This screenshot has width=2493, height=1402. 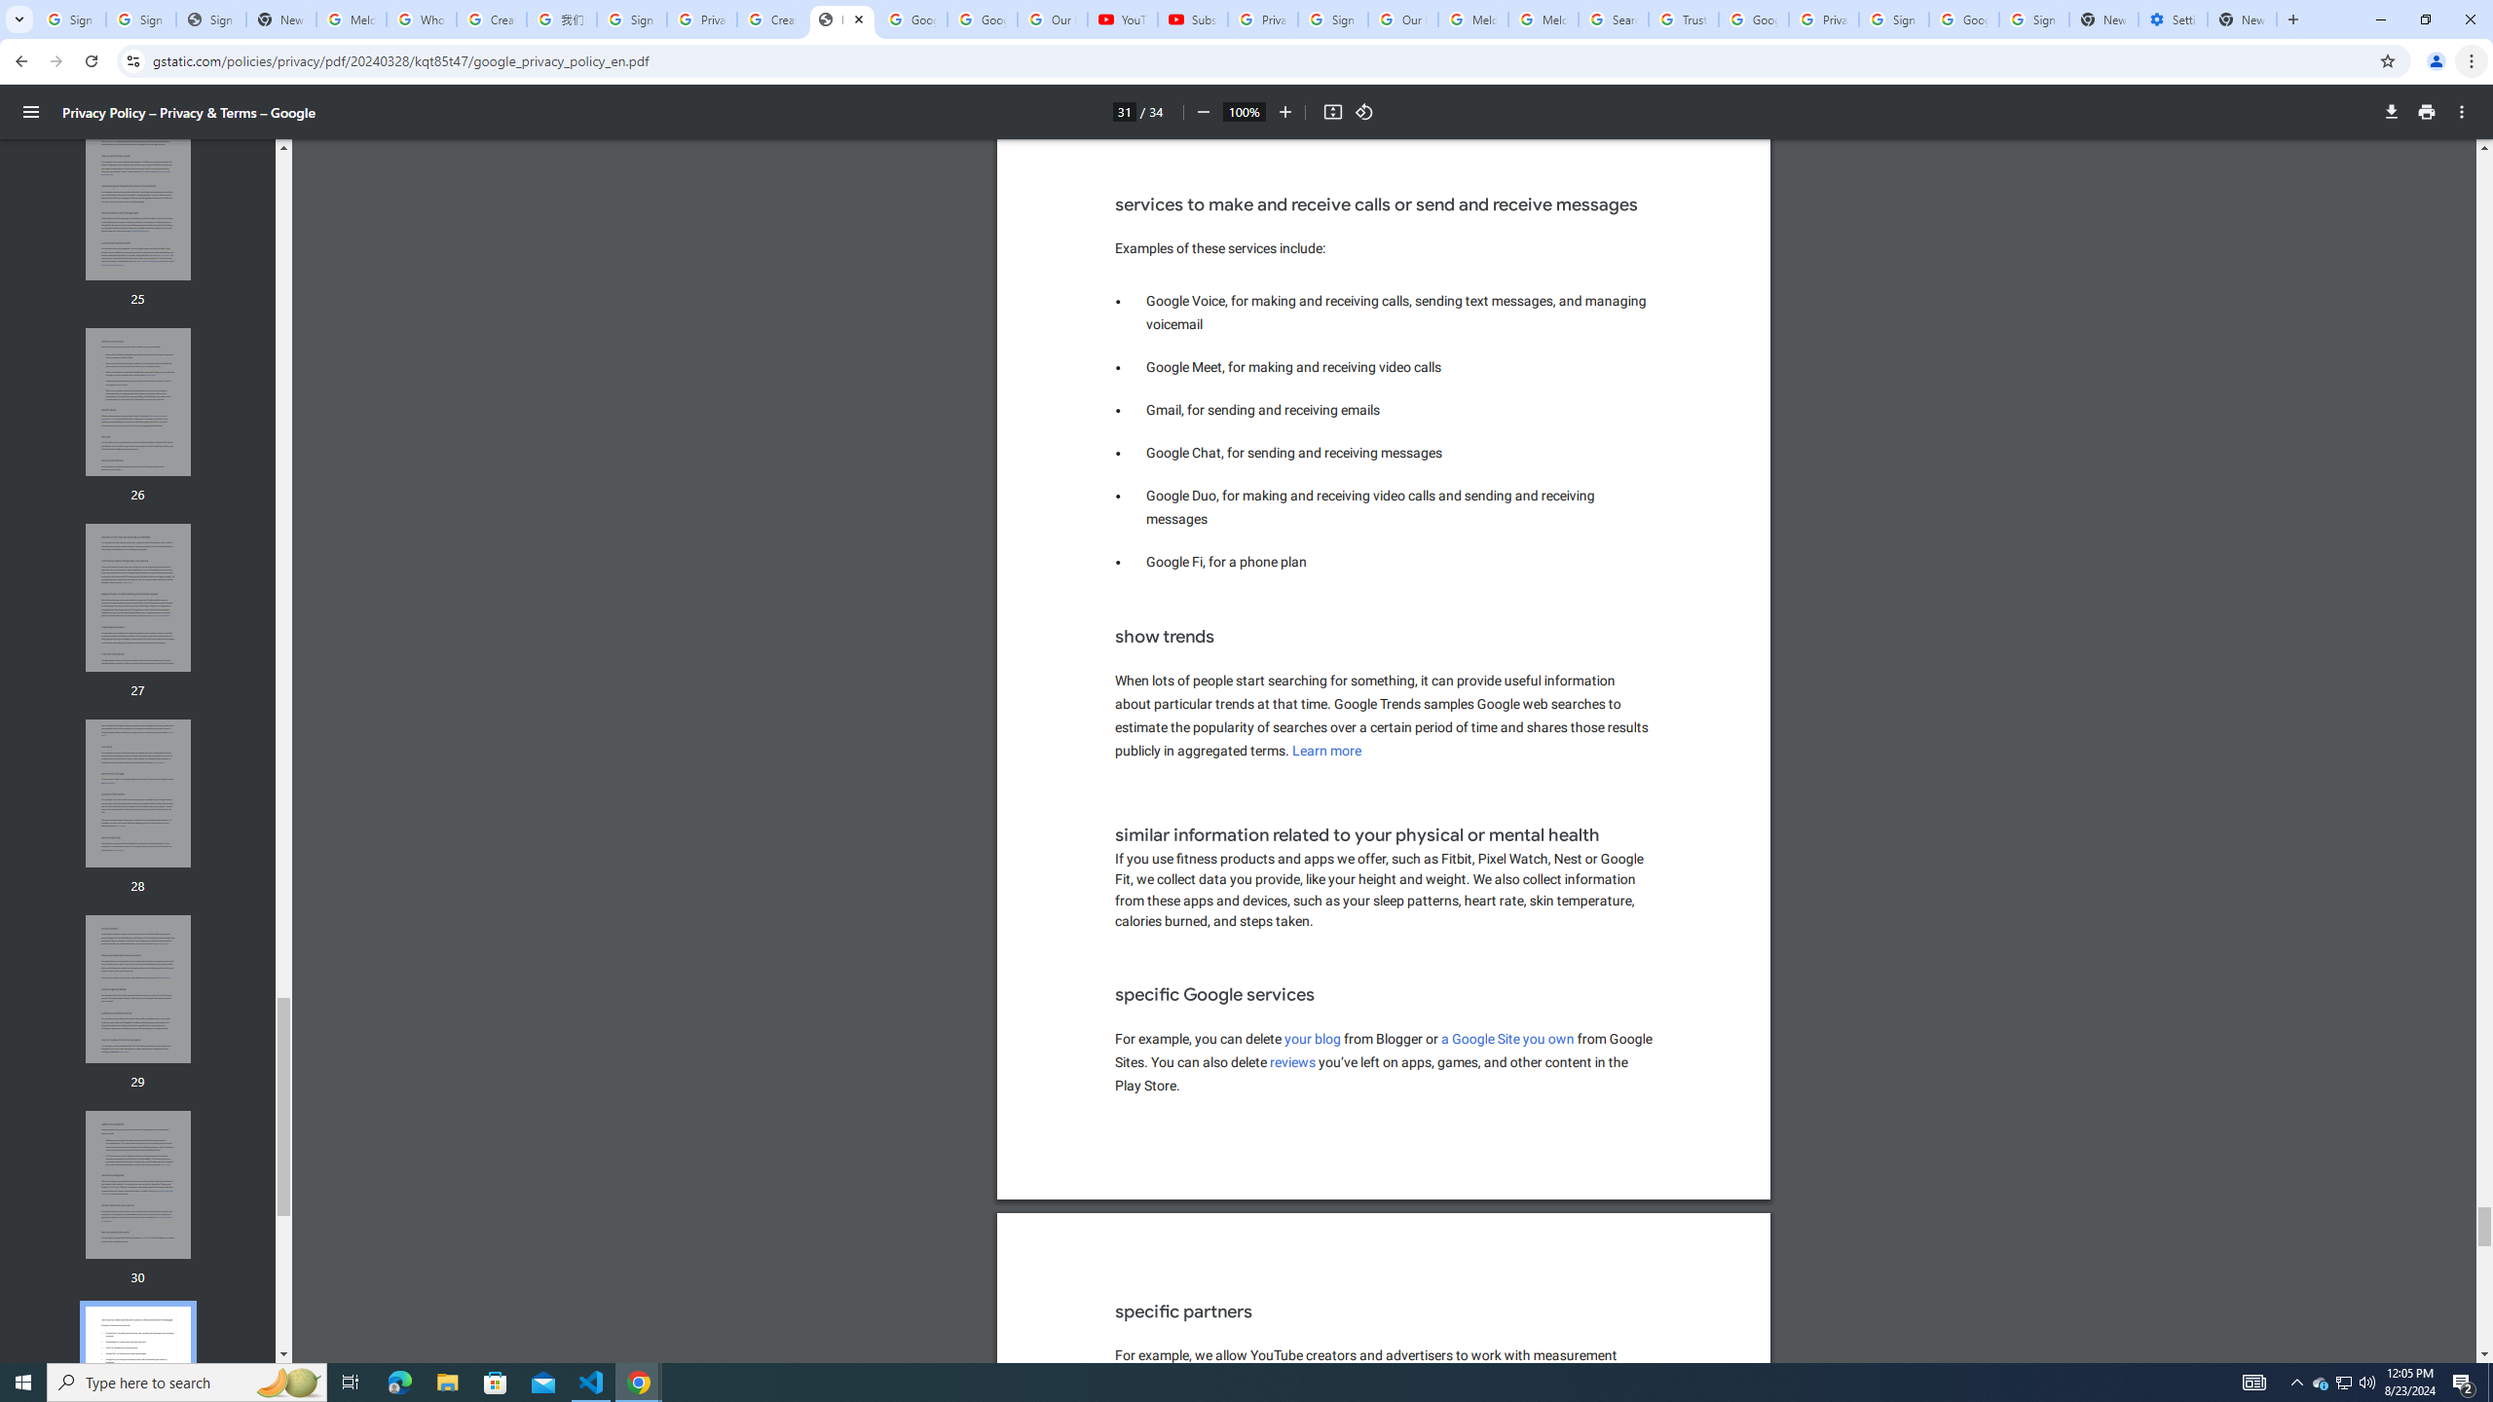 What do you see at coordinates (1507, 1038) in the screenshot?
I see `'a Google Site you own'` at bounding box center [1507, 1038].